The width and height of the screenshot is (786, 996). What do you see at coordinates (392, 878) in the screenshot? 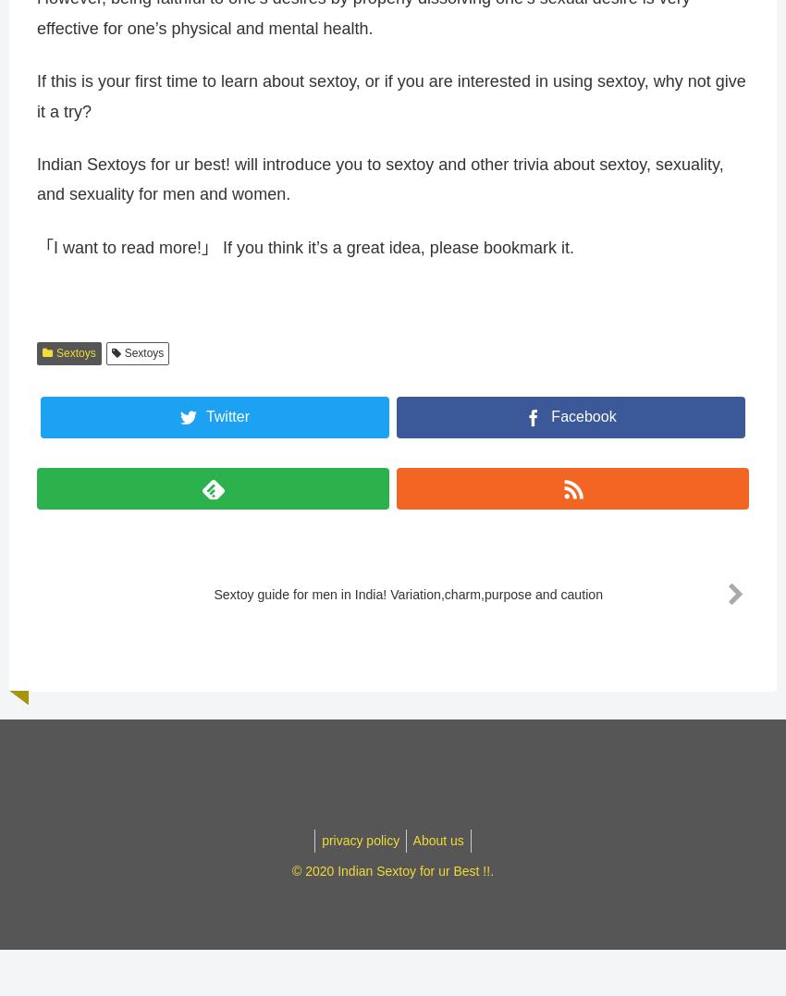
I see `'© 2020 Indian Sextoy for ur Best !!.'` at bounding box center [392, 878].